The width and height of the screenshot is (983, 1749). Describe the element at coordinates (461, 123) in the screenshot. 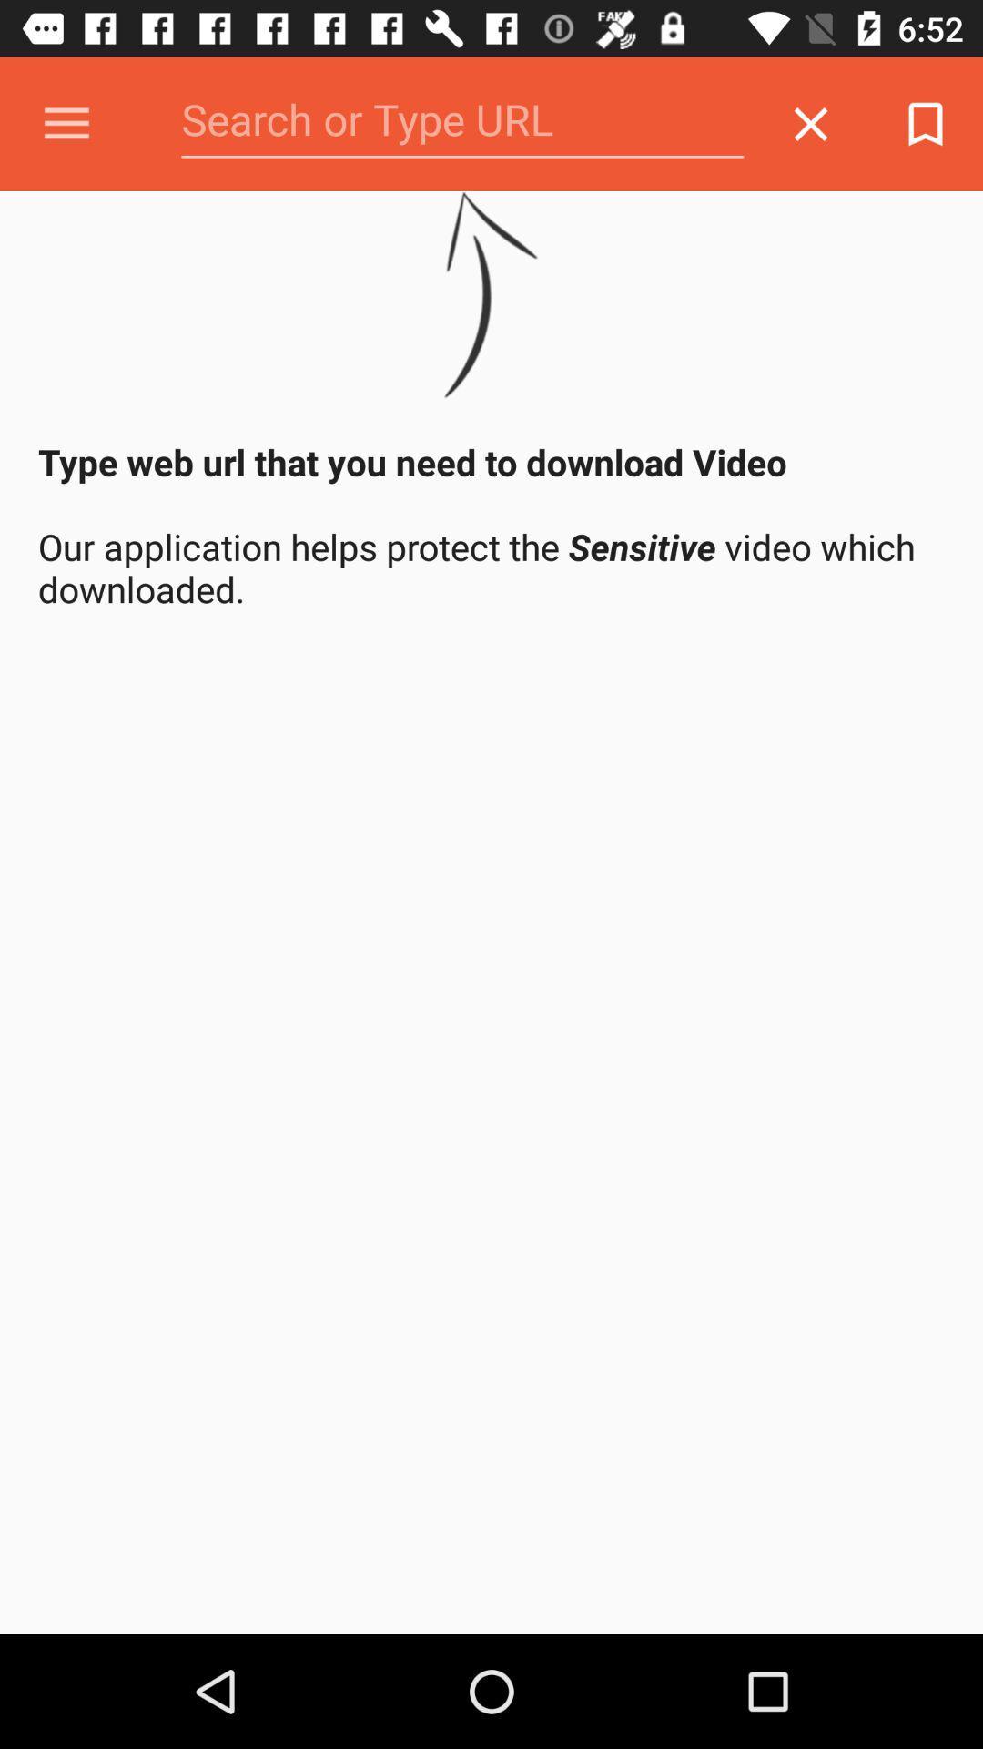

I see `search entry box` at that location.